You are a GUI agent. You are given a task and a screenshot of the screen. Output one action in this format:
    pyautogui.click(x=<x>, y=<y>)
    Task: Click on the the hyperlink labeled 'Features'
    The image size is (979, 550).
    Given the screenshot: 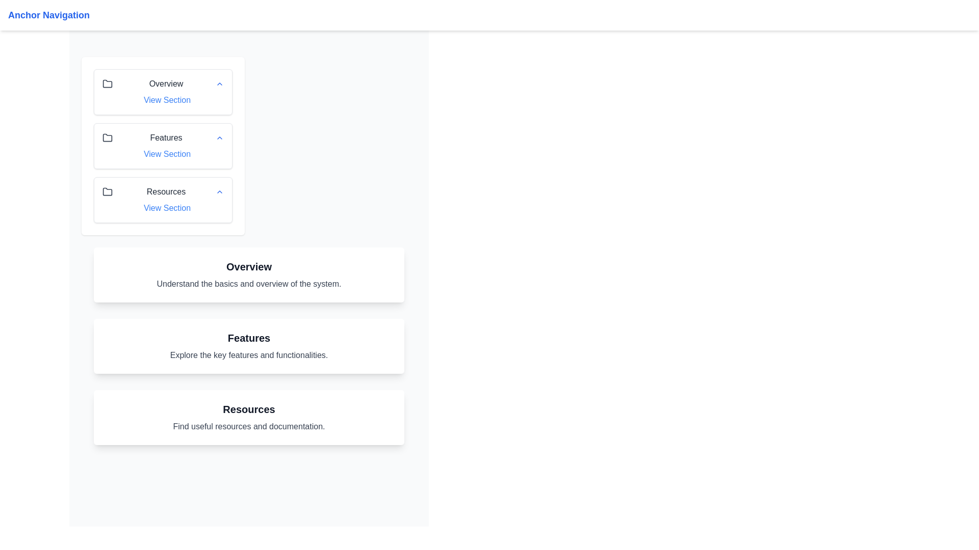 What is the action you would take?
    pyautogui.click(x=167, y=154)
    